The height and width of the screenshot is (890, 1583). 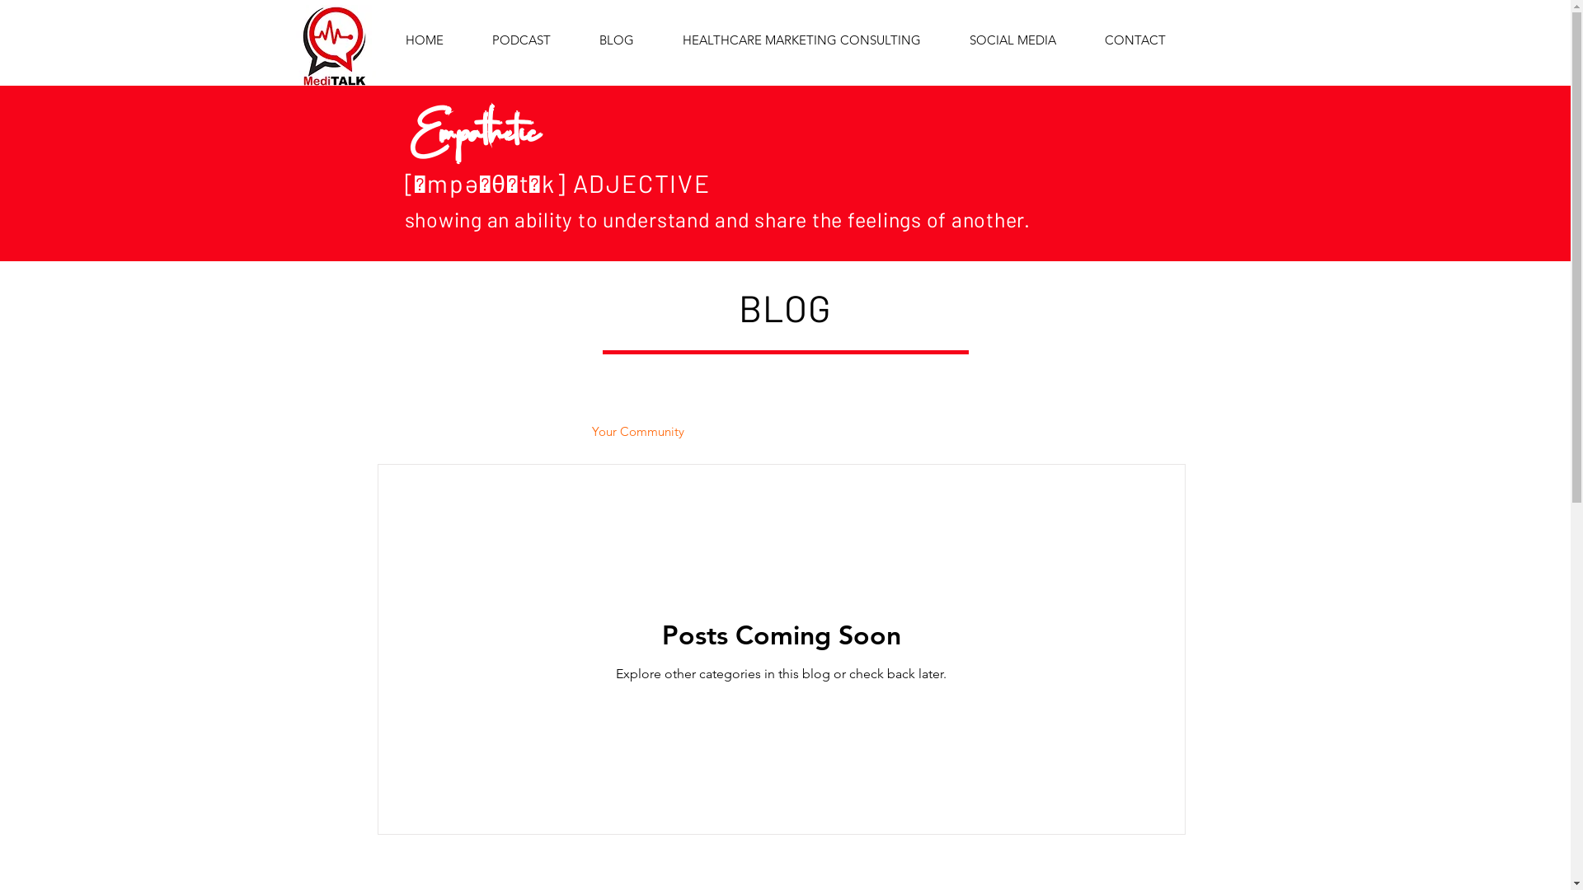 I want to click on 'BLOG', so click(x=575, y=40).